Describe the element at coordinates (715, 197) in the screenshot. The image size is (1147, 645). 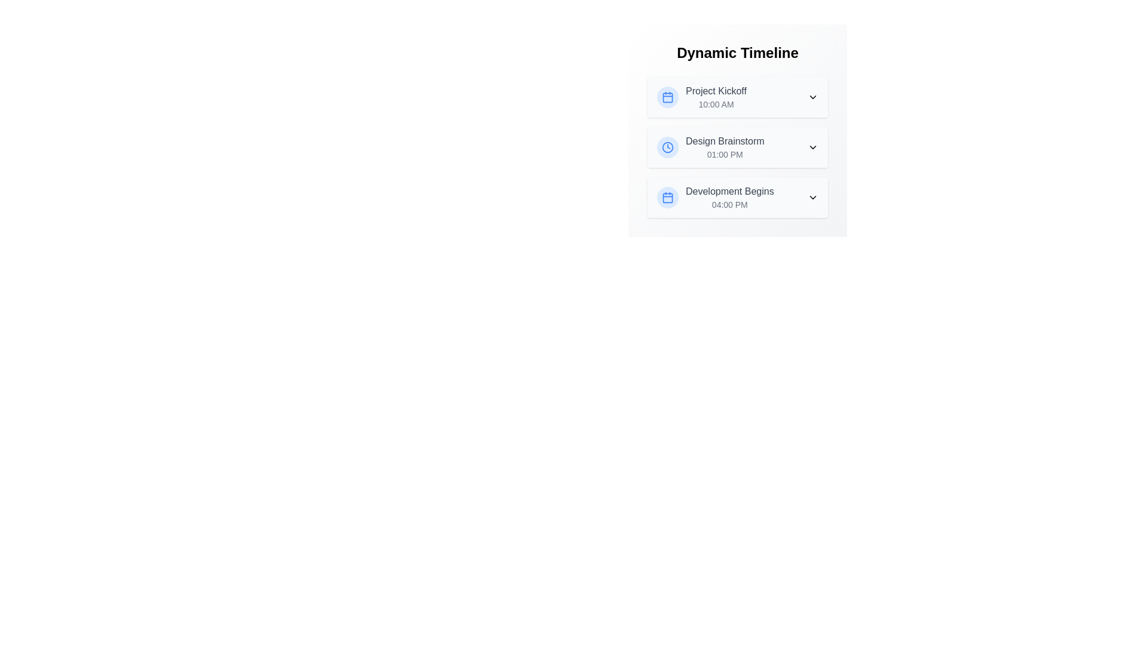
I see `the list item entry labeled 'Development Begins' with a calendar icon` at that location.